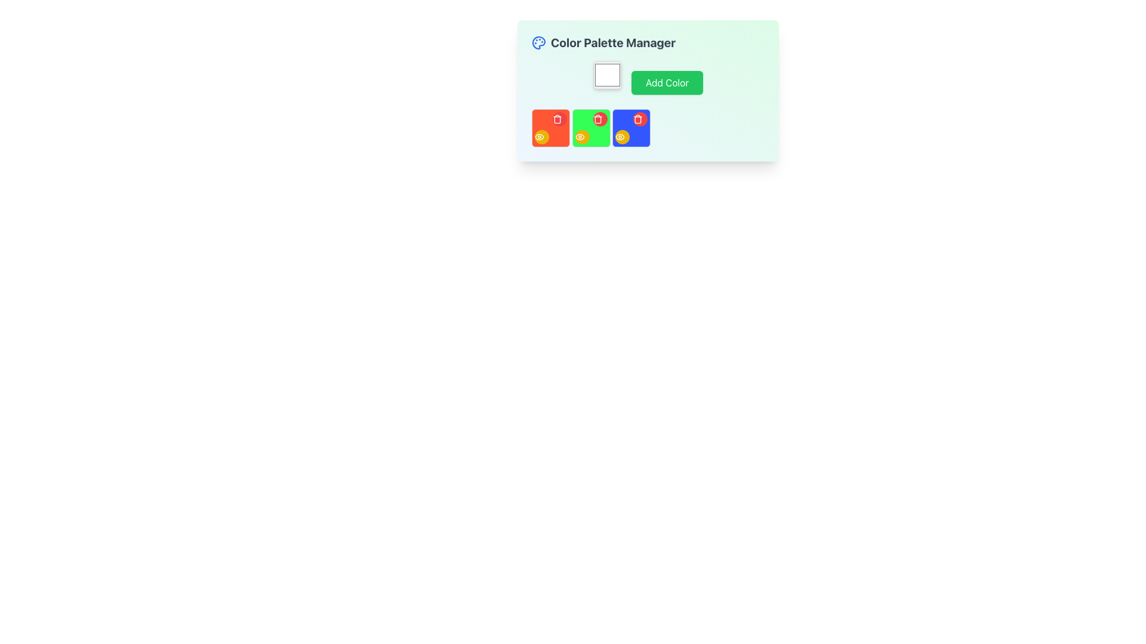 Image resolution: width=1146 pixels, height=644 pixels. What do you see at coordinates (538, 137) in the screenshot?
I see `the eye-shaped icon located inside the yellow square with rounded corners in the Color Palette Manager section, specifically the third square from the left` at bounding box center [538, 137].